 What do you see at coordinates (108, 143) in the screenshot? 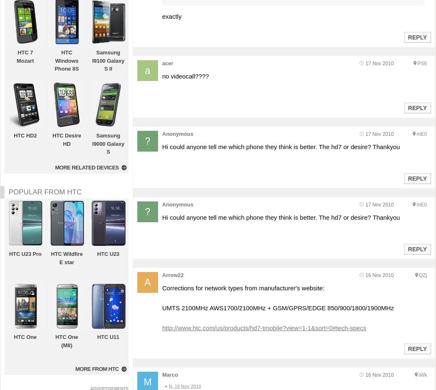
I see `'Samsung I9000 Galaxy S'` at bounding box center [108, 143].